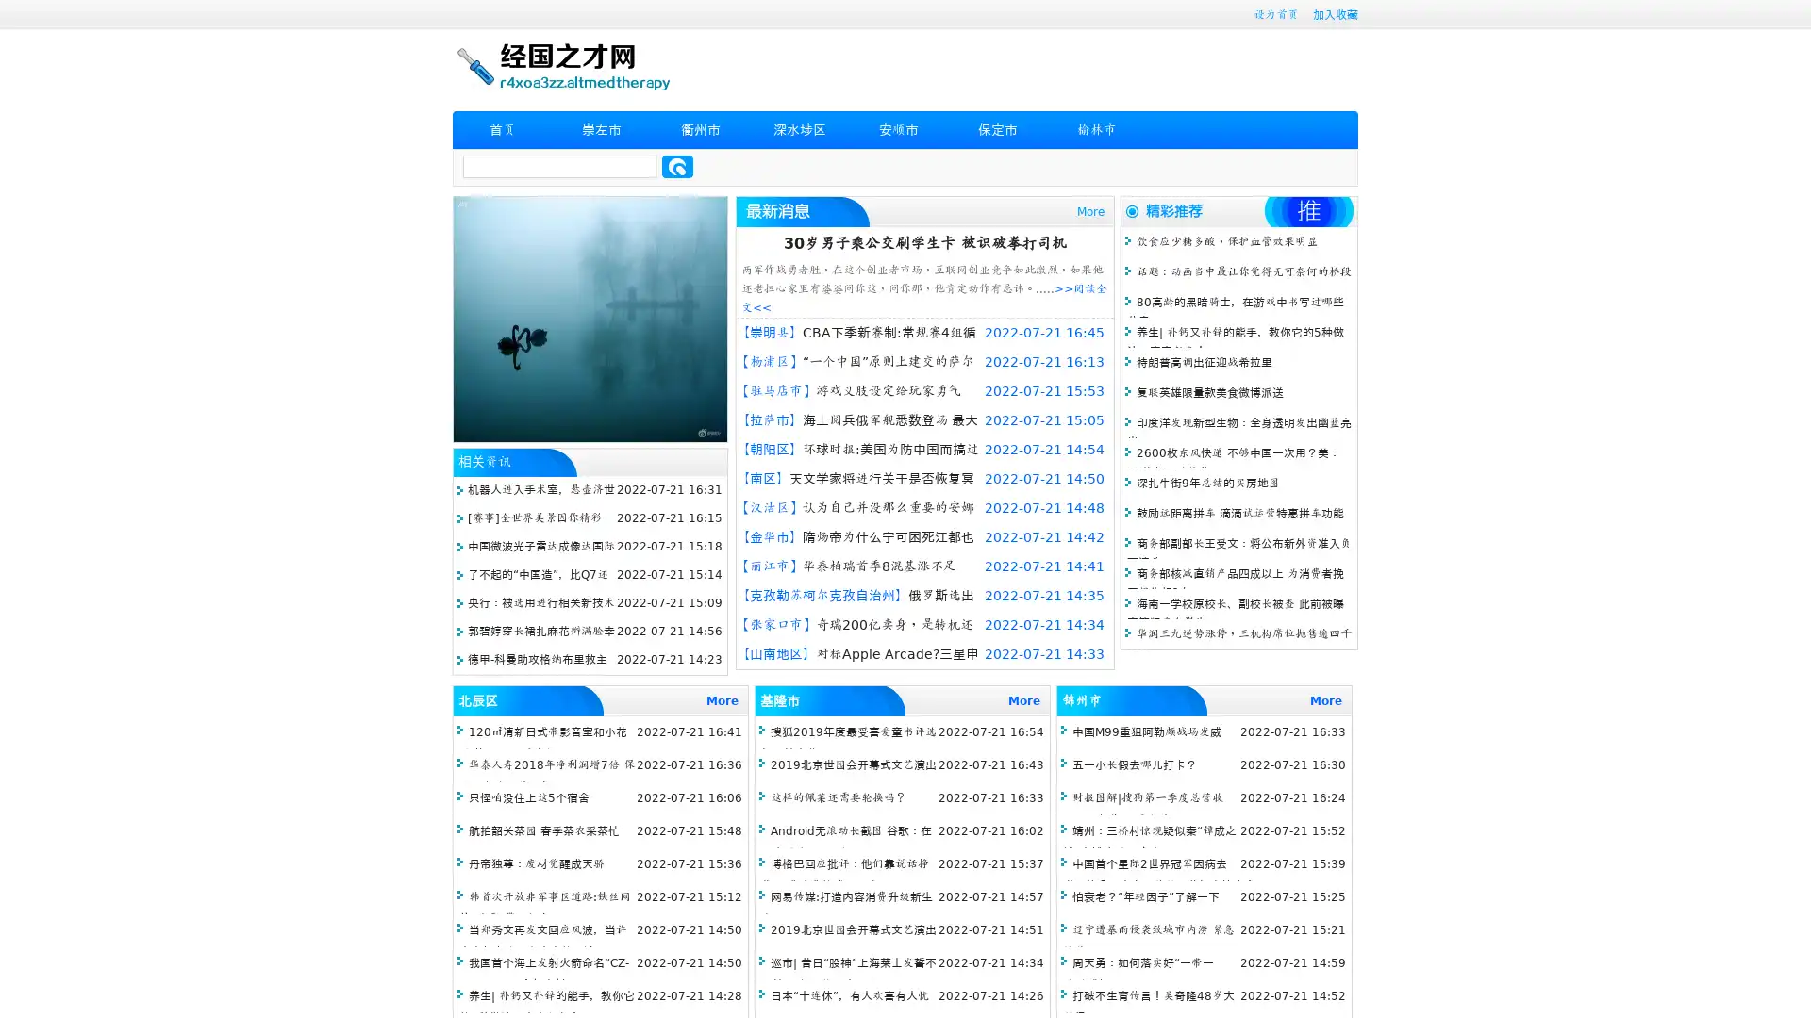  Describe the element at coordinates (677, 166) in the screenshot. I see `Search` at that location.